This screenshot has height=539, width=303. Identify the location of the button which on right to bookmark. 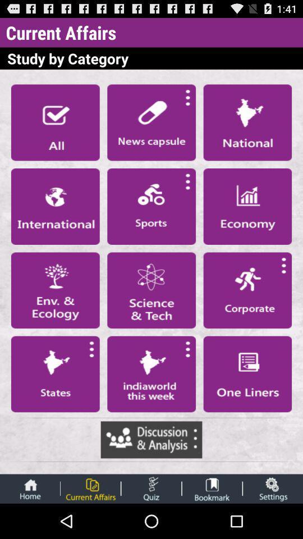
(272, 488).